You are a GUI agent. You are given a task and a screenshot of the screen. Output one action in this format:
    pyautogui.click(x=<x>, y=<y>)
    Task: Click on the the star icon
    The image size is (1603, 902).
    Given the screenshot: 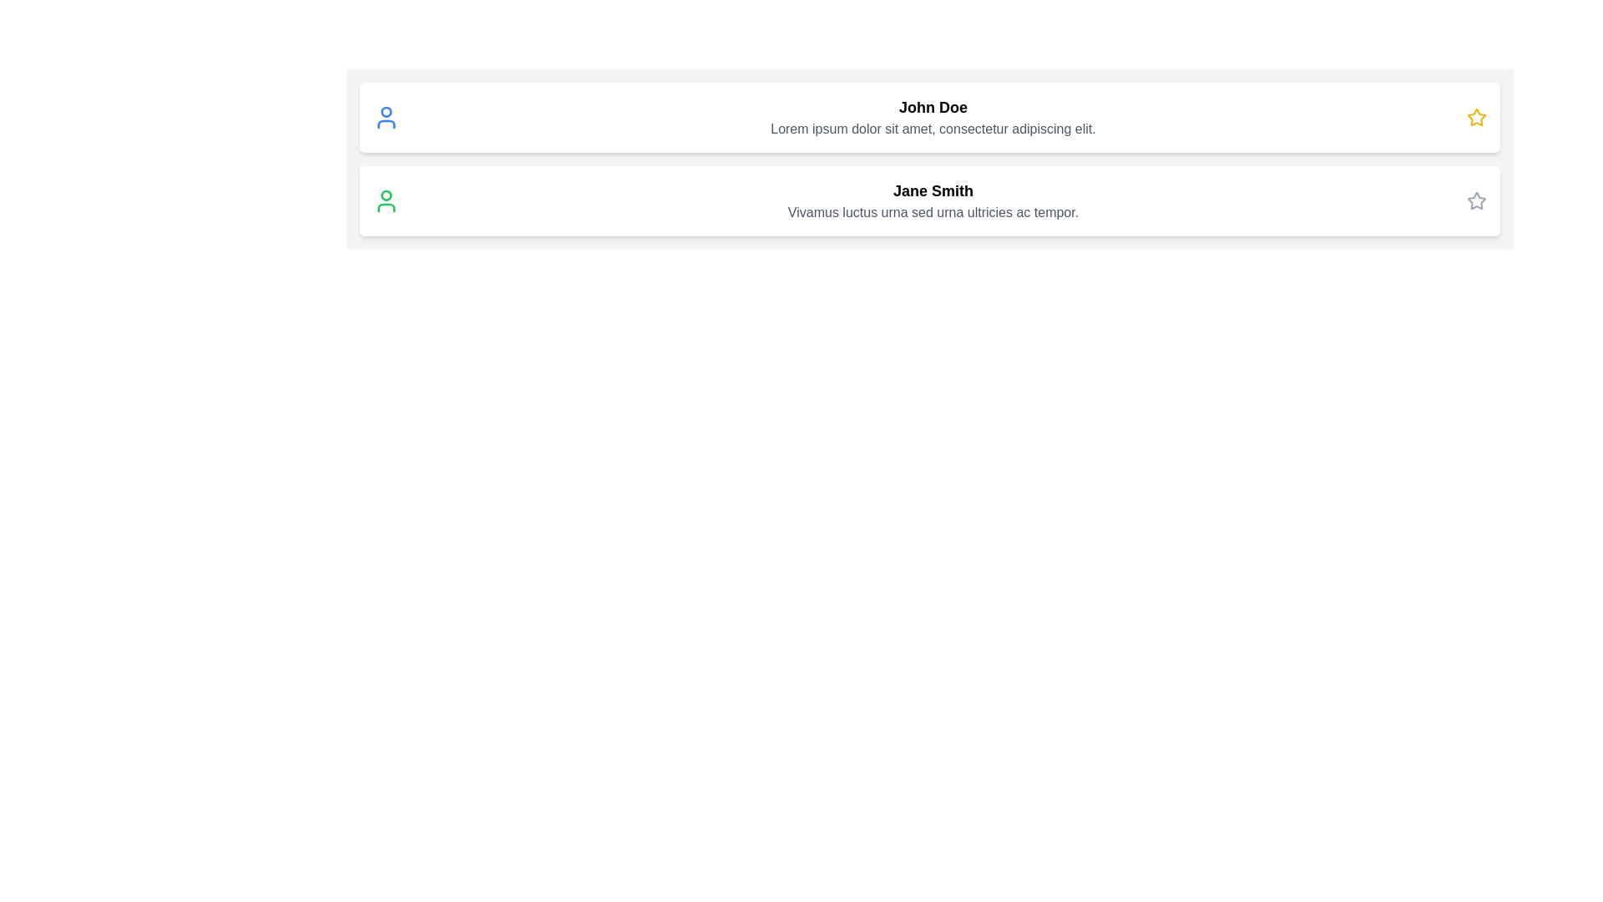 What is the action you would take?
    pyautogui.click(x=1477, y=117)
    